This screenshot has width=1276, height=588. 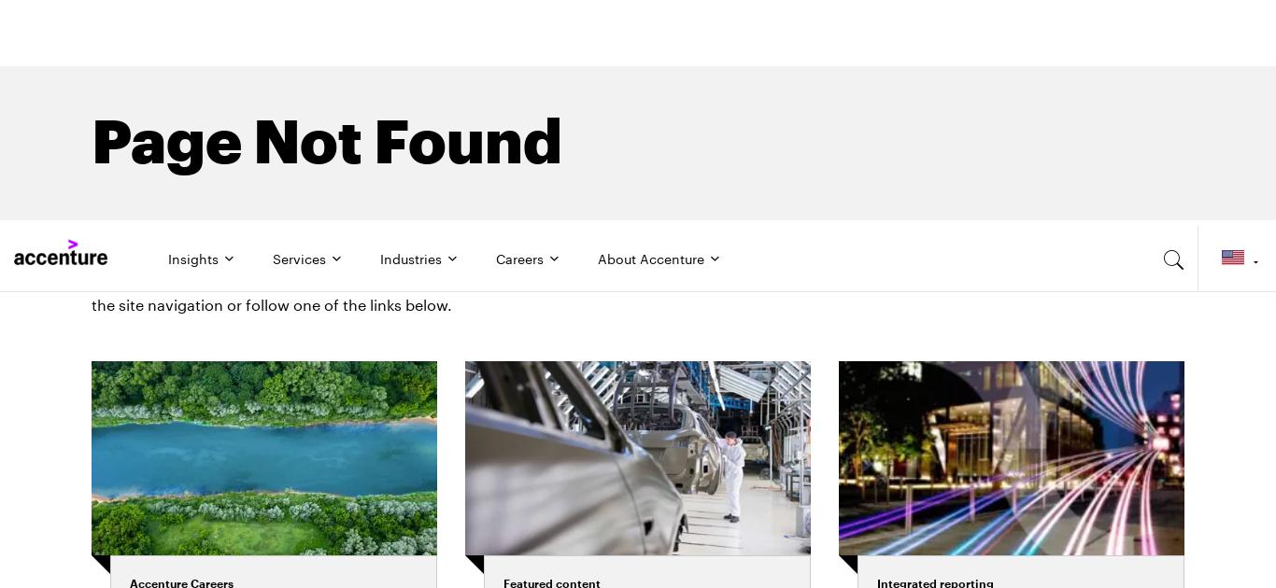 What do you see at coordinates (722, 51) in the screenshot?
I see `'search functionality'` at bounding box center [722, 51].